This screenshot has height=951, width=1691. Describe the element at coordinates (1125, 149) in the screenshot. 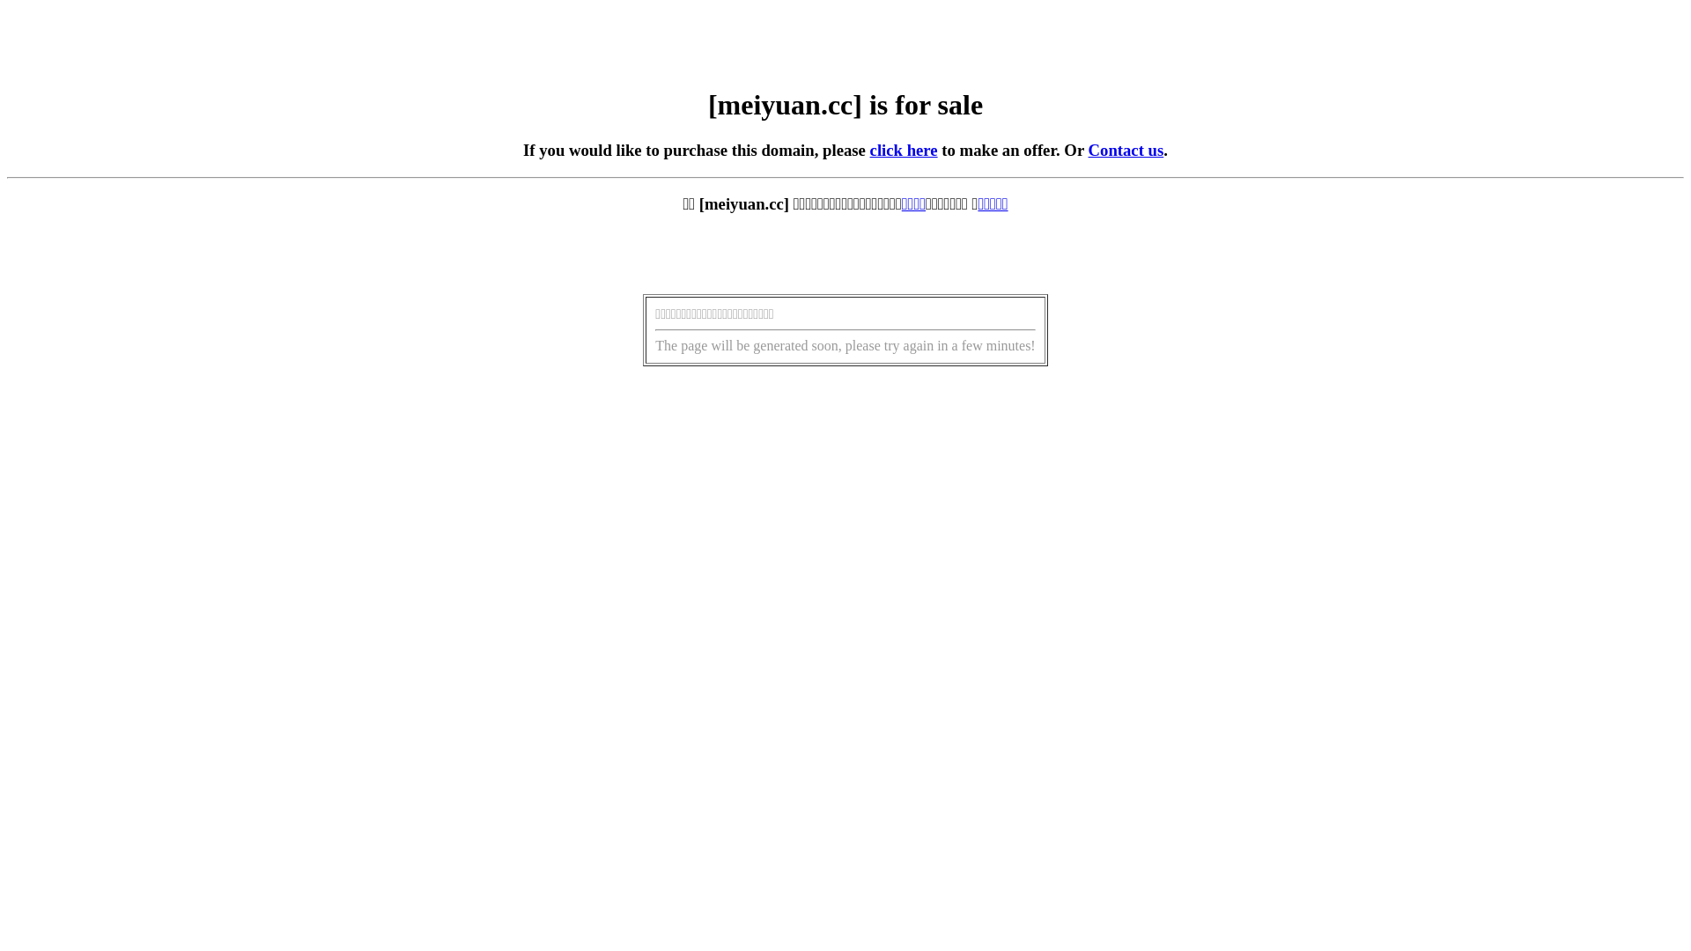

I see `'Contact us'` at that location.